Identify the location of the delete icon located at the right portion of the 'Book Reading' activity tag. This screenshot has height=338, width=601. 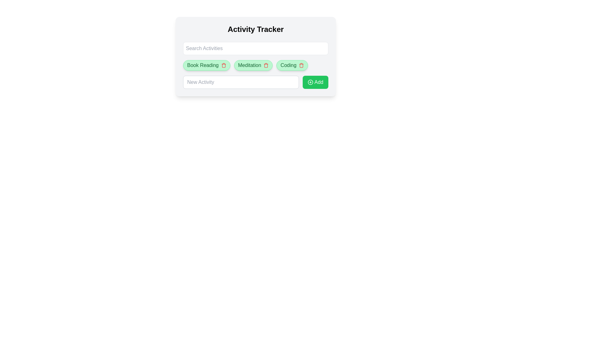
(223, 66).